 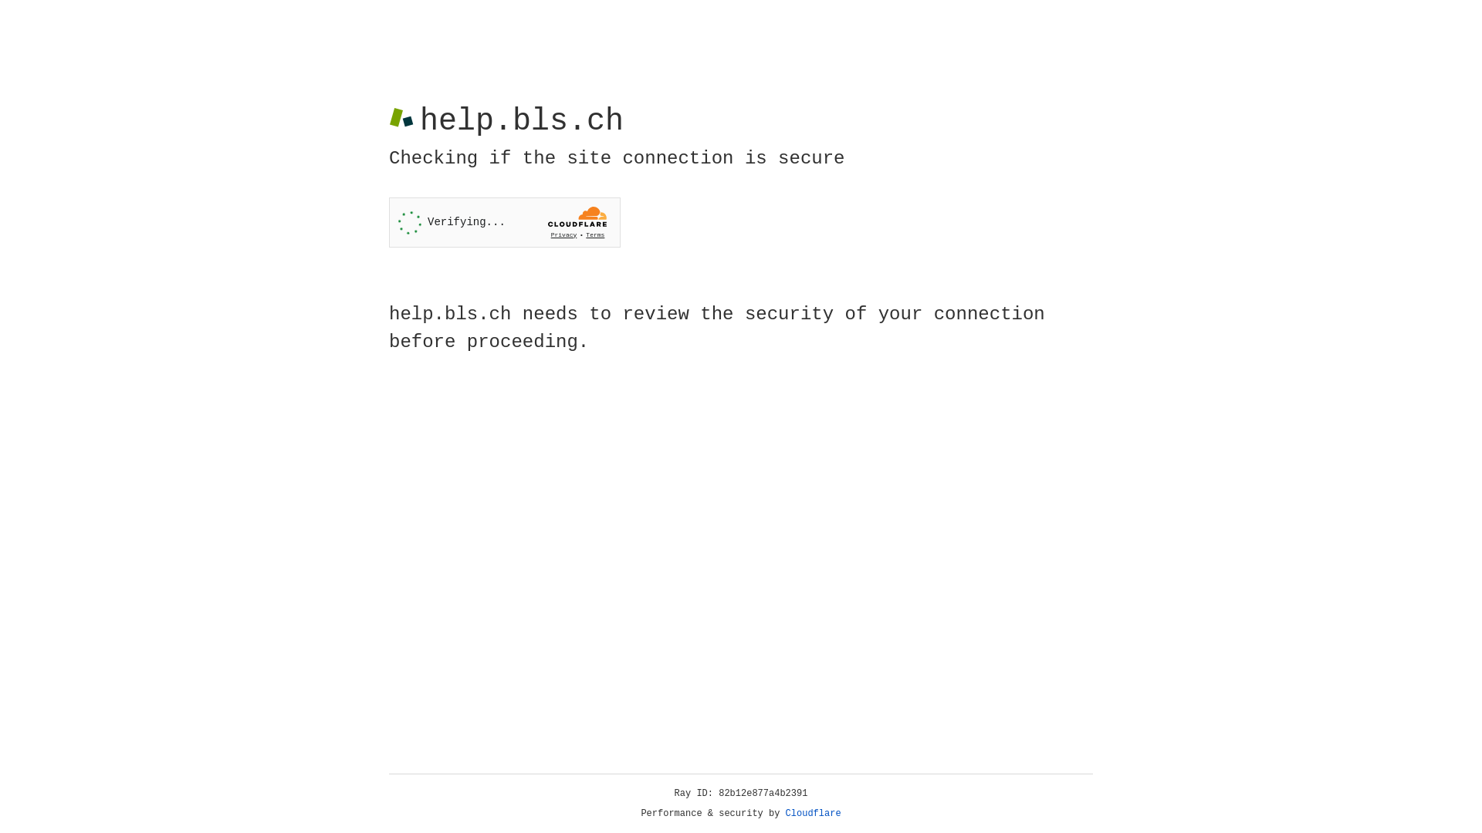 What do you see at coordinates (504, 222) in the screenshot?
I see `'Widget containing a Cloudflare security challenge'` at bounding box center [504, 222].